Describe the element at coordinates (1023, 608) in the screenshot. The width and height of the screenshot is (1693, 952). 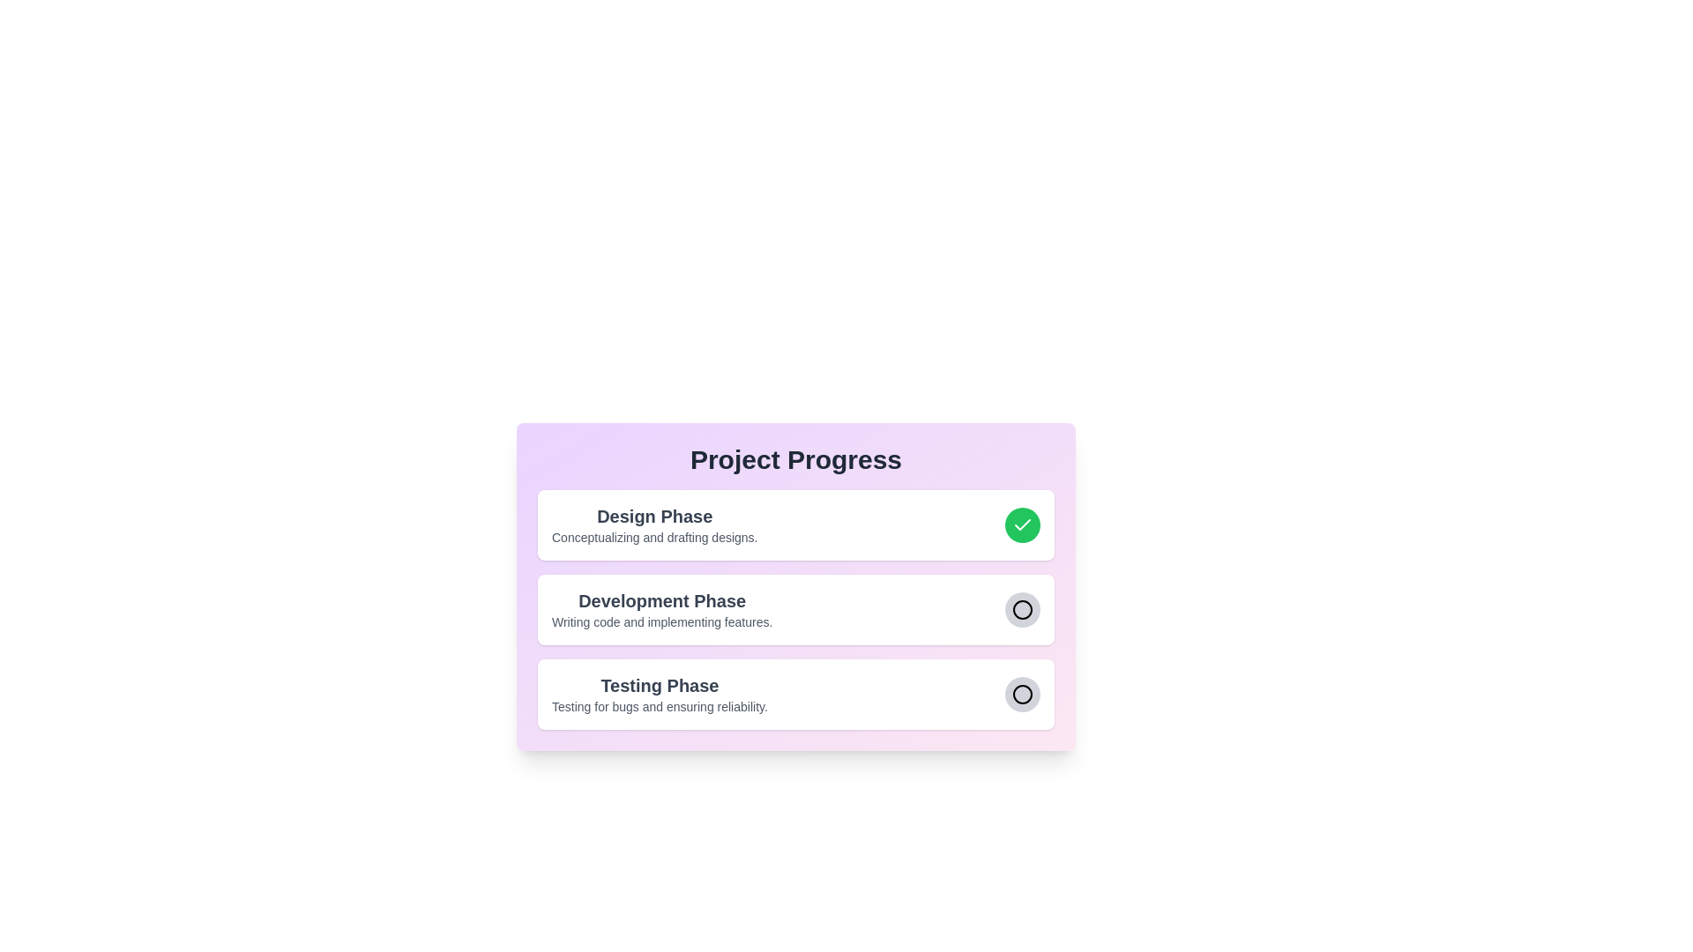
I see `the circular SVG icon with a black stroke outline, located in the center-right of the 'Development Phase' row` at that location.